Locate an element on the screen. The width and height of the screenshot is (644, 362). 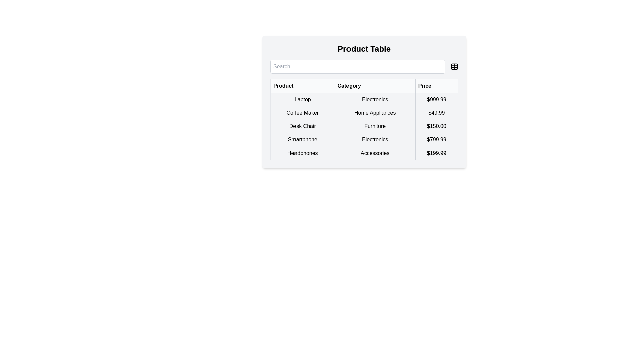
the static text element displaying the price '$49.99' in bold black text, located in the third column of the second row of the 'Product Table' is located at coordinates (436, 112).